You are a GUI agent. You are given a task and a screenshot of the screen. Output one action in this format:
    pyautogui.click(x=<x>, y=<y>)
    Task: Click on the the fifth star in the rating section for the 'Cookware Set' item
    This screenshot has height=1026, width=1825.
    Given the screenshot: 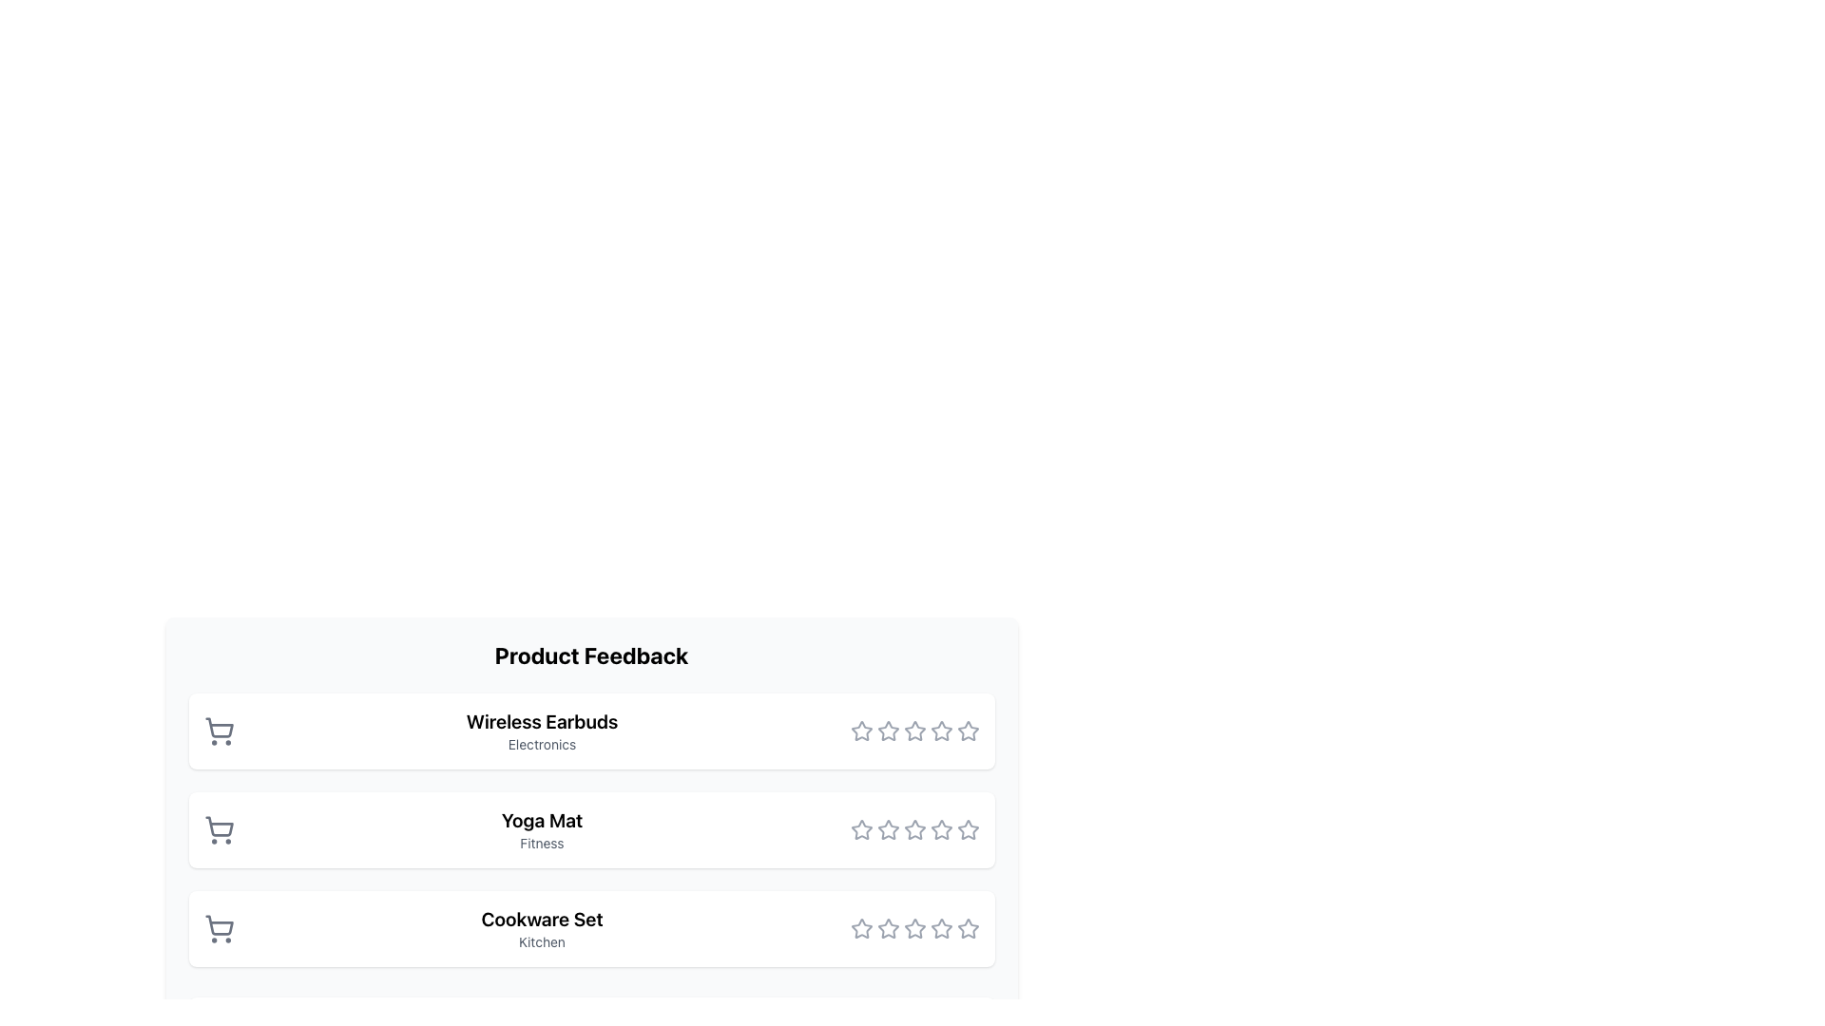 What is the action you would take?
    pyautogui.click(x=968, y=928)
    